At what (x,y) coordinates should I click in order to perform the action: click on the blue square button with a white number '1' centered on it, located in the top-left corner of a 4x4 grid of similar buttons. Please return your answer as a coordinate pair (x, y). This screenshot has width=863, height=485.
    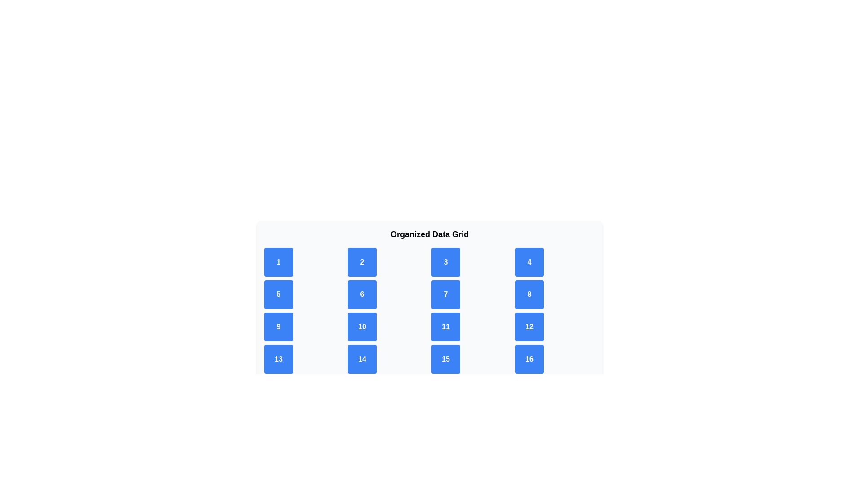
    Looking at the image, I should click on (278, 262).